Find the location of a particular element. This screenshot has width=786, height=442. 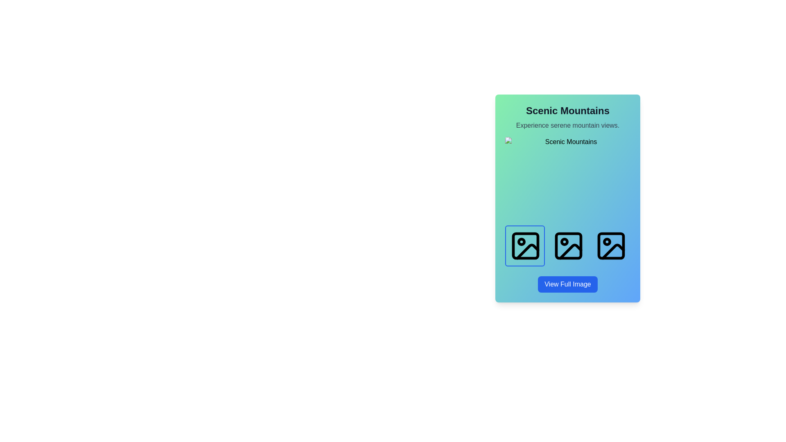

the icon styled as an image placeholder resembling a picture frame with a sun and mountain, located in the second position of a horizontal row of three icons near the bottom of the card is located at coordinates (568, 246).